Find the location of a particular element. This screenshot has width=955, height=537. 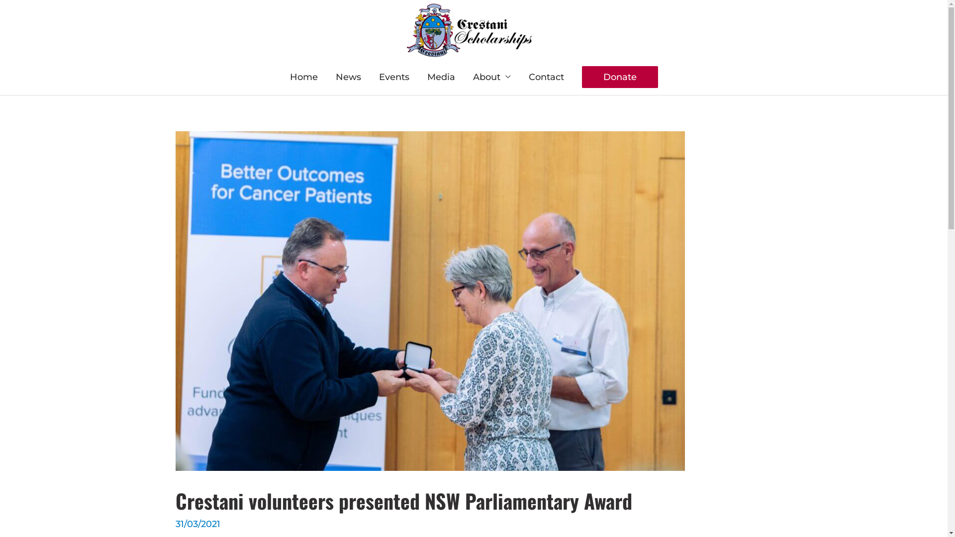

'About' is located at coordinates (491, 76).